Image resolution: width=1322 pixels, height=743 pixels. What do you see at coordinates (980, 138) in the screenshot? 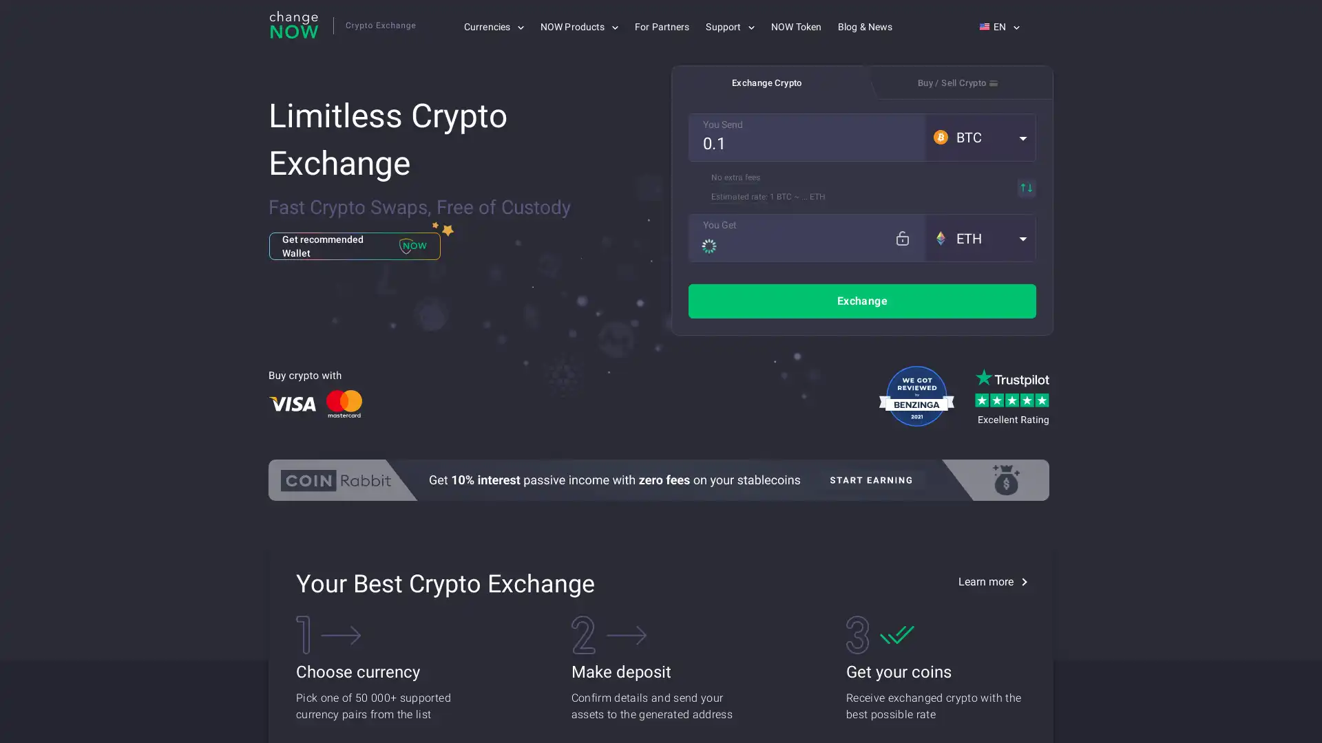
I see `icon-btc BTC` at bounding box center [980, 138].